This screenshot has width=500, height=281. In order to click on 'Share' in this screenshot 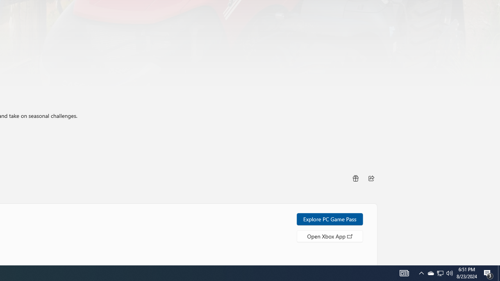, I will do `click(371, 178)`.